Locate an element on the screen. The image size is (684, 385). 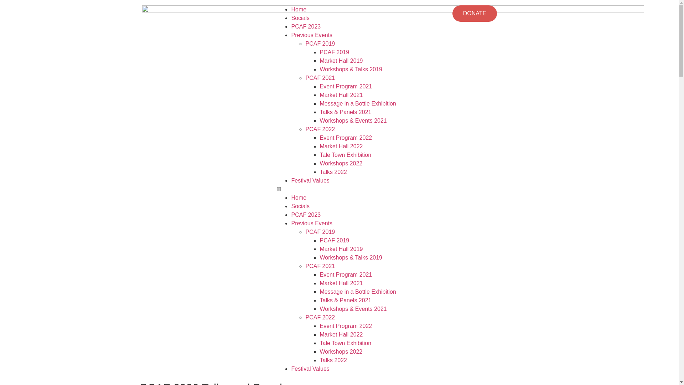
'Festival Values' is located at coordinates (291, 180).